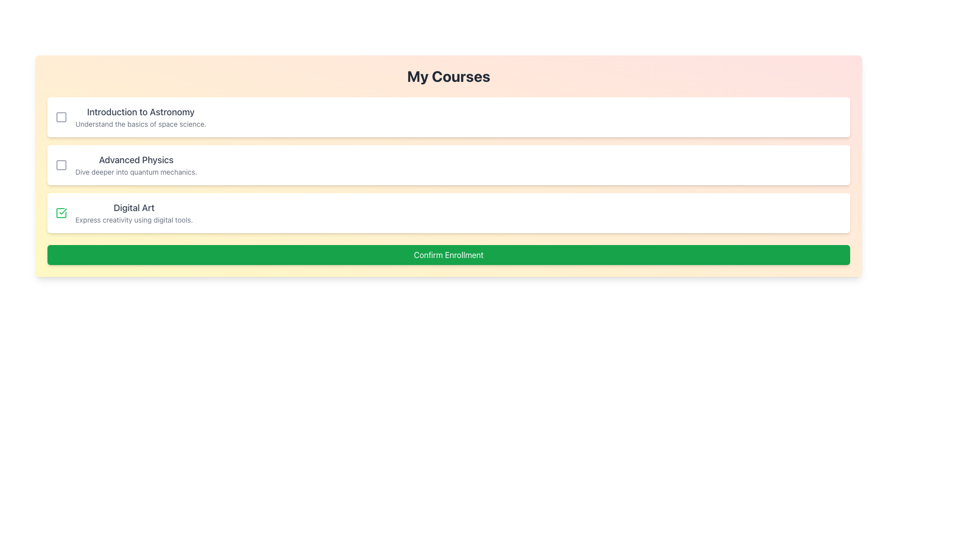 Image resolution: width=959 pixels, height=539 pixels. What do you see at coordinates (135, 165) in the screenshot?
I see `the adjacent controls of the 'Advanced Physics' text element, which is the second option in the list of course items` at bounding box center [135, 165].